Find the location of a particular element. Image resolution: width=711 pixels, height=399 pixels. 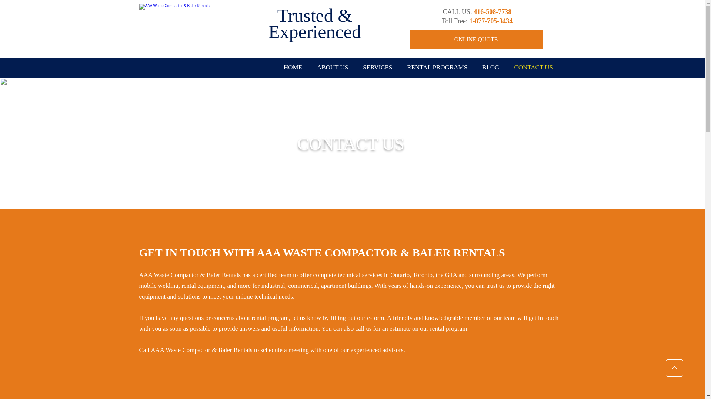

'ONLINE QUOTE' is located at coordinates (476, 40).